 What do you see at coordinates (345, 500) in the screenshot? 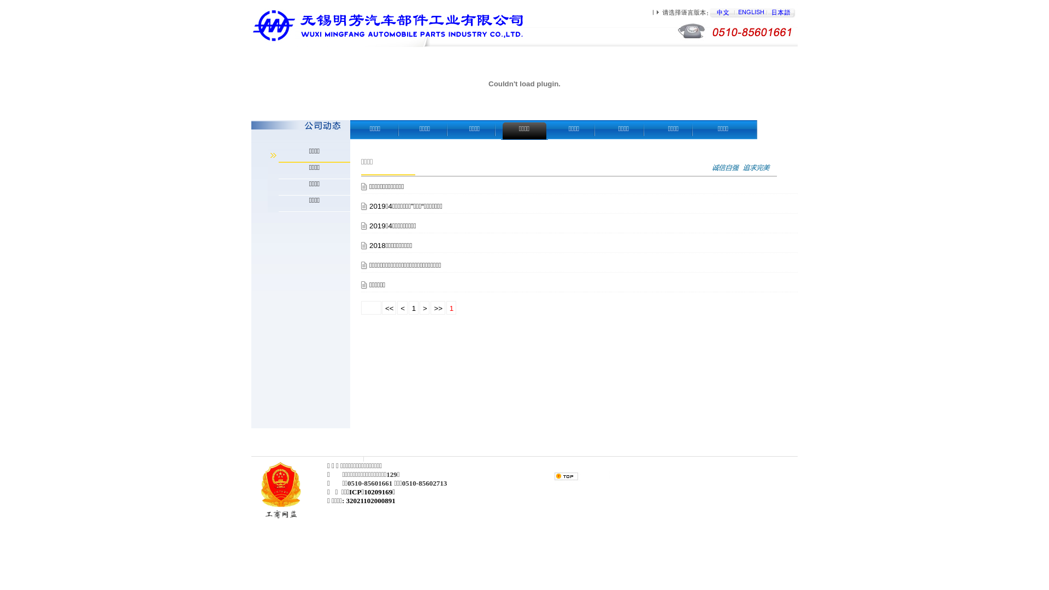
I see `'32021102000891'` at bounding box center [345, 500].